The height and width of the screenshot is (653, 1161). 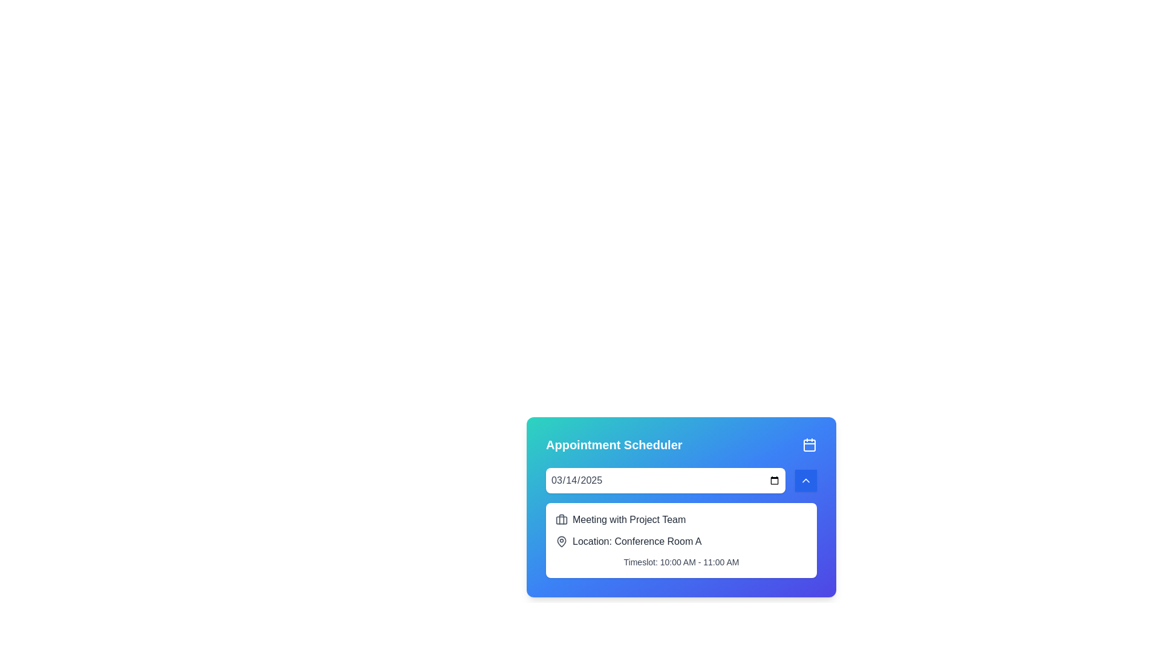 What do you see at coordinates (629, 519) in the screenshot?
I see `static text label displaying 'Meeting with Project Team', which is styled in a modern font and located within the 'Appointment Scheduler' card, near a briefcase icon` at bounding box center [629, 519].